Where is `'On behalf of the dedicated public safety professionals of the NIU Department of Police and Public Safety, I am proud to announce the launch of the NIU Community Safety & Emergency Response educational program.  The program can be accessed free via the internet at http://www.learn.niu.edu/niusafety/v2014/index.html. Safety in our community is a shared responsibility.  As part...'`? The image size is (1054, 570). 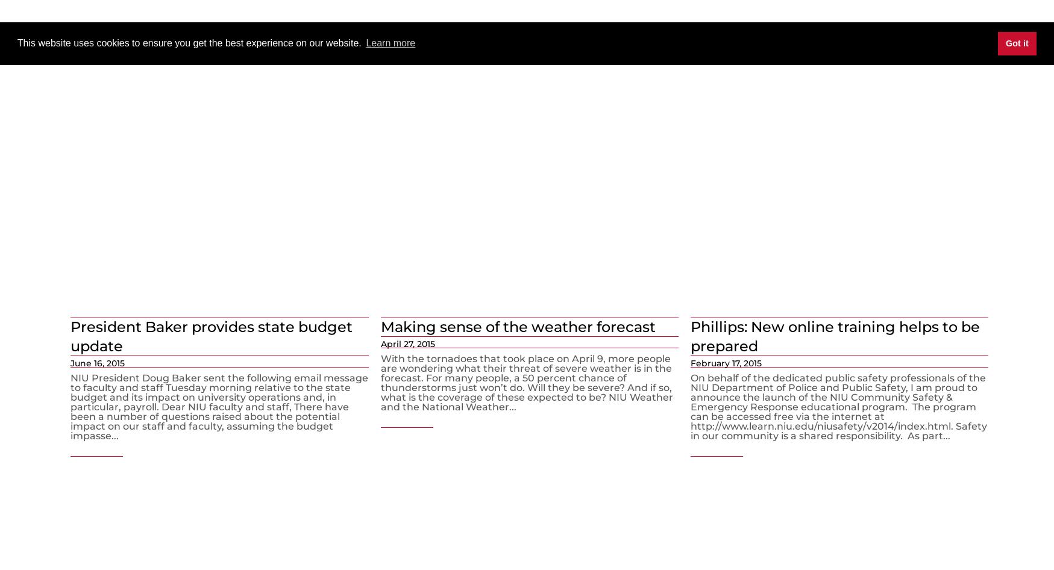 'On behalf of the dedicated public safety professionals of the NIU Department of Police and Public Safety, I am proud to announce the launch of the NIU Community Safety & Emergency Response educational program.  The program can be accessed free via the internet at http://www.learn.niu.edu/niusafety/v2014/index.html. Safety in our community is a shared responsibility.  As part...' is located at coordinates (690, 407).